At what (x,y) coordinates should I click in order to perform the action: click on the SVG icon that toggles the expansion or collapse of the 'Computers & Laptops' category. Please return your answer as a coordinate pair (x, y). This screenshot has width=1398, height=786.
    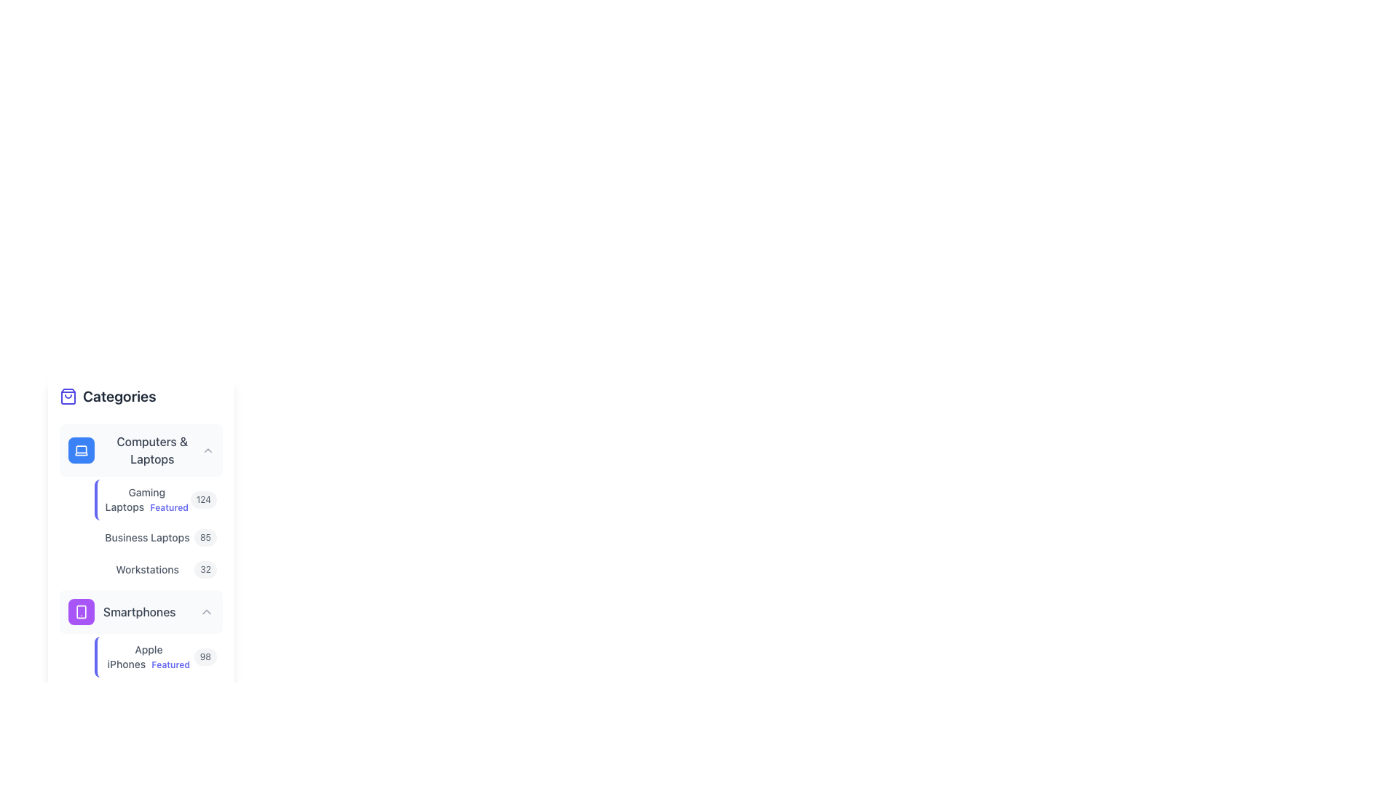
    Looking at the image, I should click on (207, 449).